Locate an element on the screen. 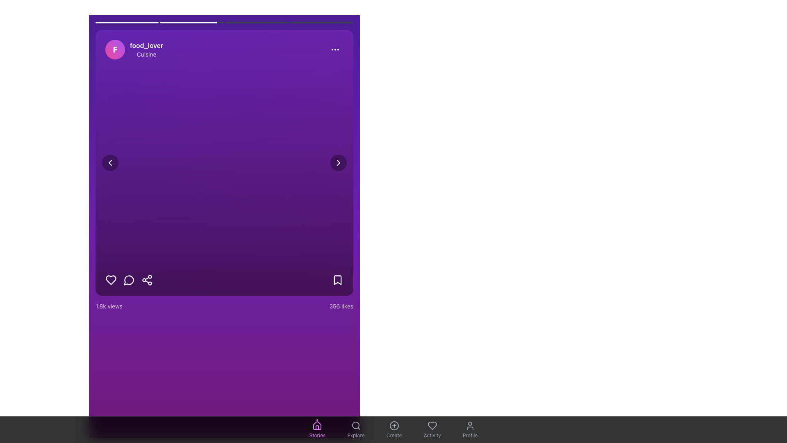 Image resolution: width=787 pixels, height=443 pixels. textual label that serves as the descriptive label for the 'Profile' section in the navigation bar, which is the last item in the bottom navigation bar beneath the user icon is located at coordinates (470, 435).